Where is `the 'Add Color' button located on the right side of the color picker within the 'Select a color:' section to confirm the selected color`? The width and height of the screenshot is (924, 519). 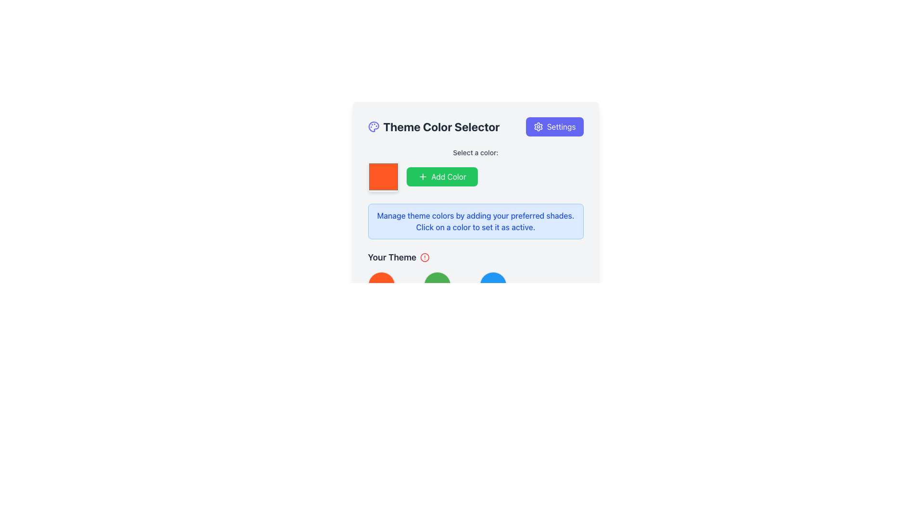 the 'Add Color' button located on the right side of the color picker within the 'Select a color:' section to confirm the selected color is located at coordinates (475, 176).